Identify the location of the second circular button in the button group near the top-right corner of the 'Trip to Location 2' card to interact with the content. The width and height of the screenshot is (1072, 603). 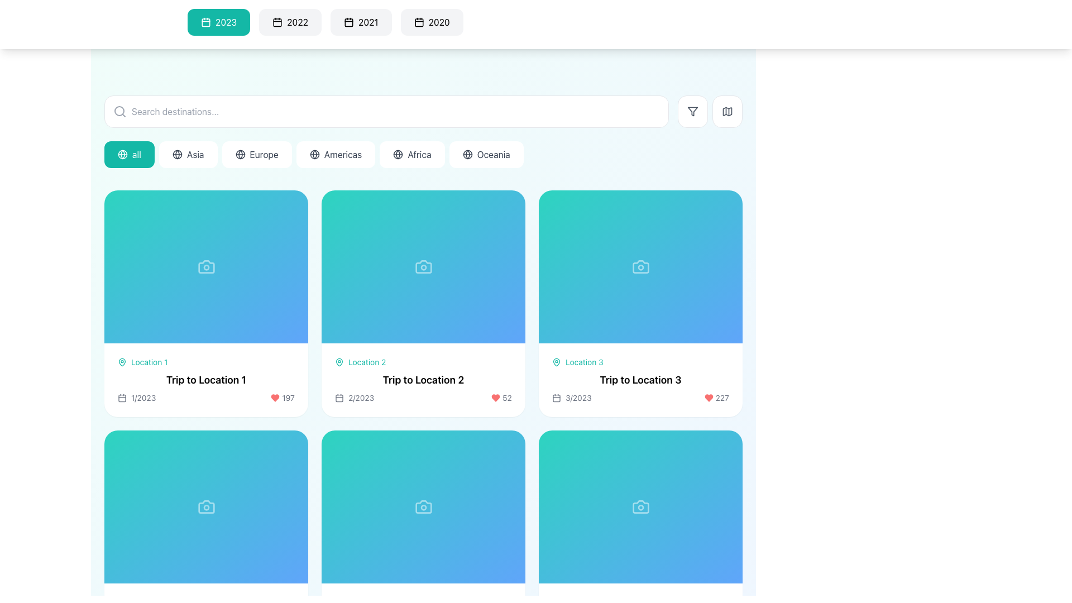
(493, 209).